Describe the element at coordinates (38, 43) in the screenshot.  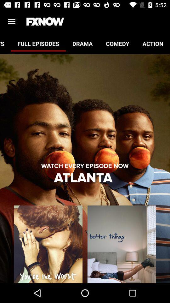
I see `the item next to the all shows` at that location.